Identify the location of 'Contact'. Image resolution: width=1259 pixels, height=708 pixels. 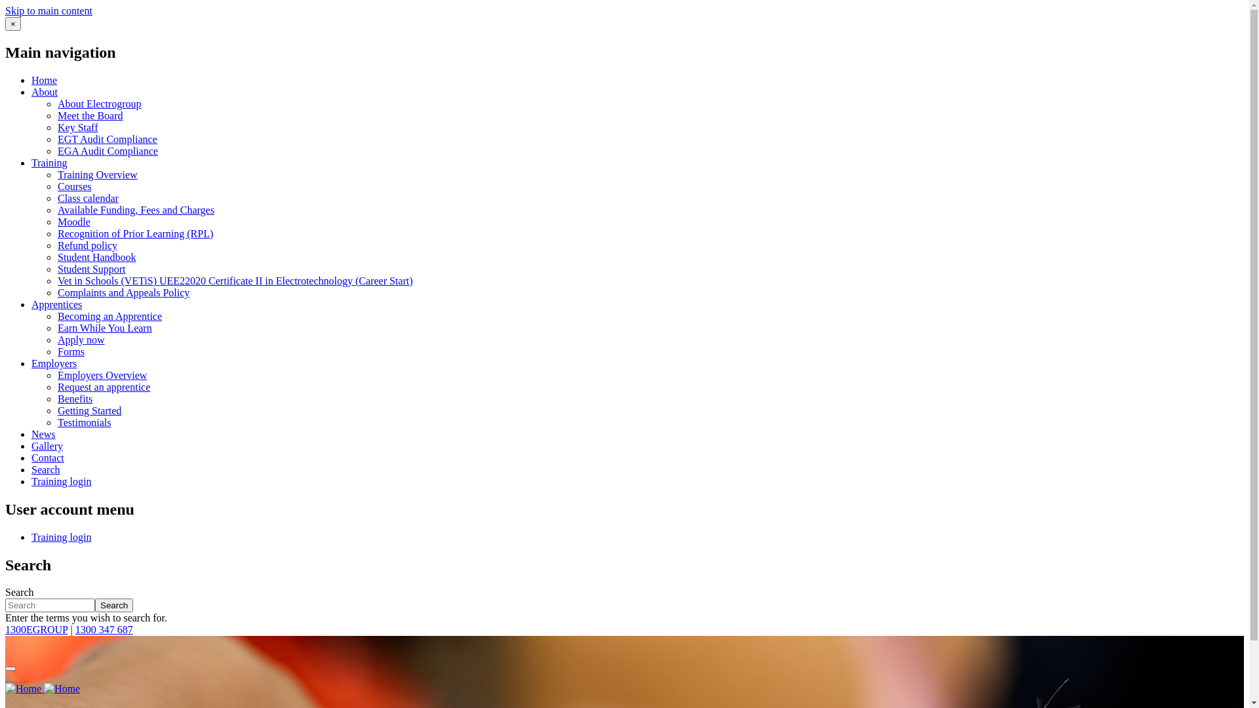
(31, 457).